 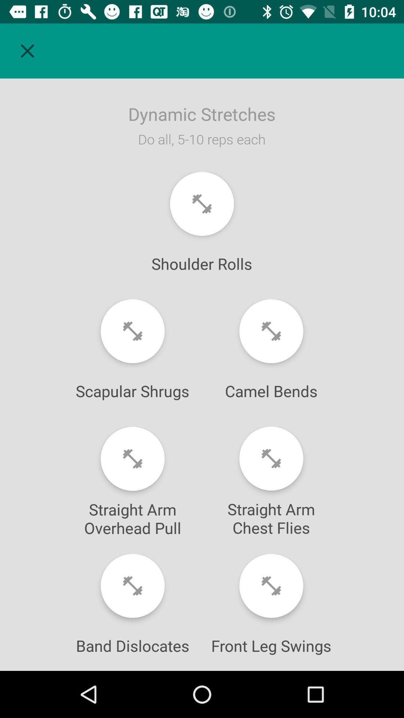 What do you see at coordinates (271, 585) in the screenshot?
I see `front leg swings` at bounding box center [271, 585].